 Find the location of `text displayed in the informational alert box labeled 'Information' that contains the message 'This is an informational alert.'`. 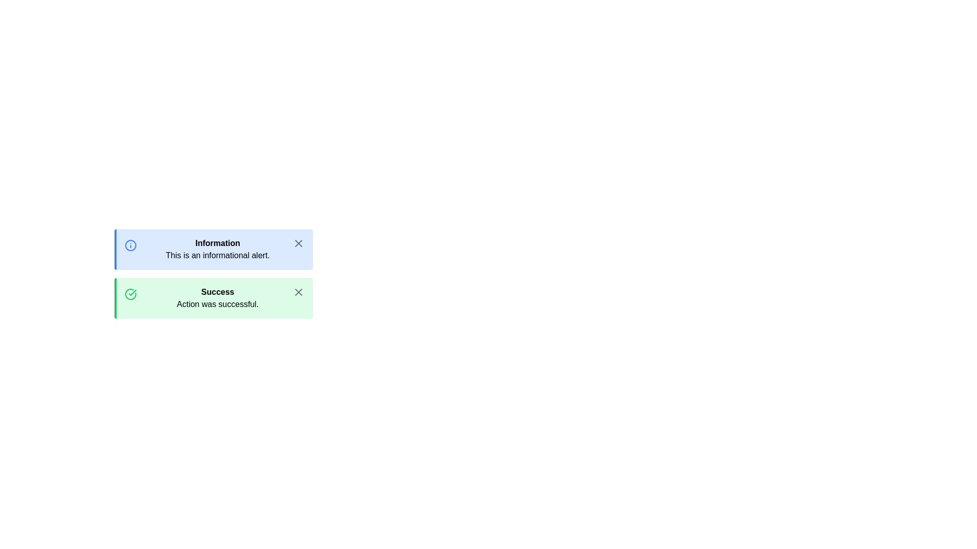

text displayed in the informational alert box labeled 'Information' that contains the message 'This is an informational alert.' is located at coordinates (217, 249).